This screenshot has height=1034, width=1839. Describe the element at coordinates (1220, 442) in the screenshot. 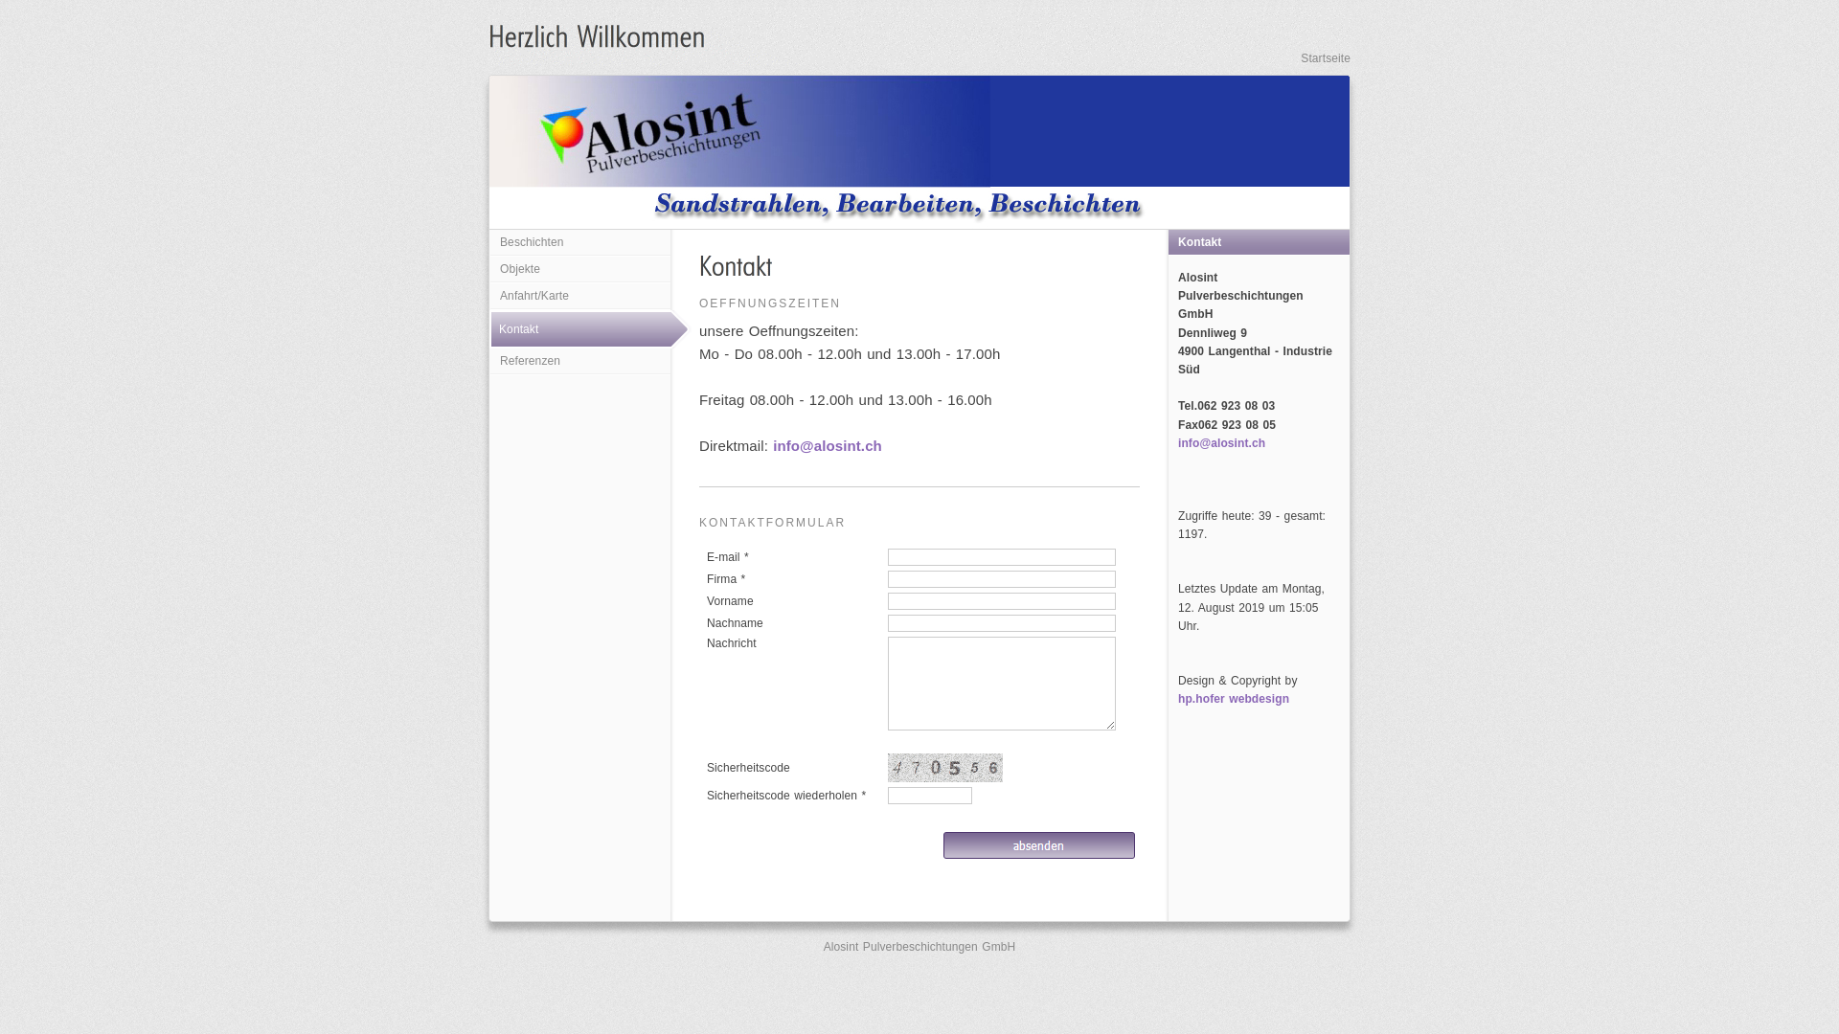

I see `'info@alosint.ch'` at that location.